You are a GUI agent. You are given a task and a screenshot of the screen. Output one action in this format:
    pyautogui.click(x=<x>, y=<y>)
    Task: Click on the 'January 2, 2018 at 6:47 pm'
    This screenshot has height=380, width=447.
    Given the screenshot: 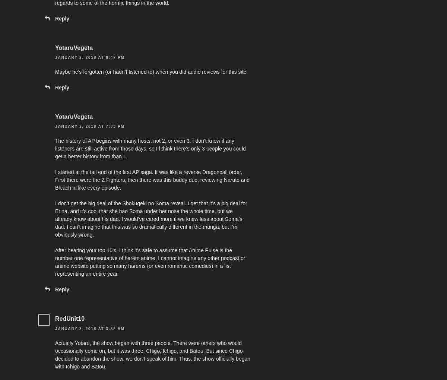 What is the action you would take?
    pyautogui.click(x=89, y=57)
    